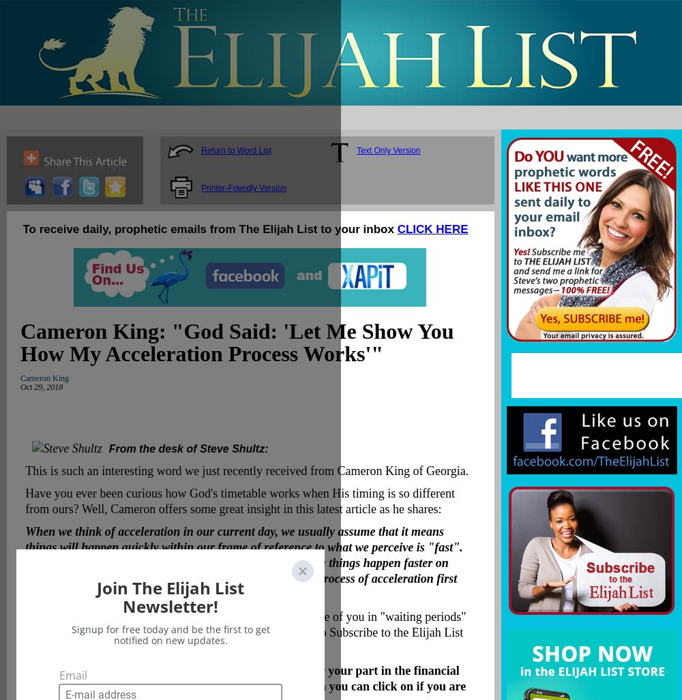 This screenshot has width=682, height=700. What do you see at coordinates (20, 377) in the screenshot?
I see `'Cameron King'` at bounding box center [20, 377].